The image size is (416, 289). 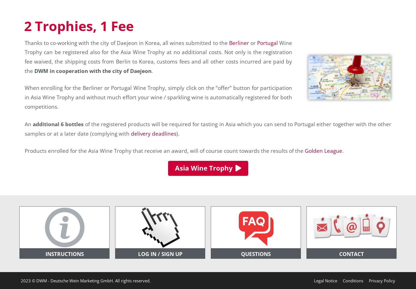 I want to click on 'An', so click(x=24, y=124).